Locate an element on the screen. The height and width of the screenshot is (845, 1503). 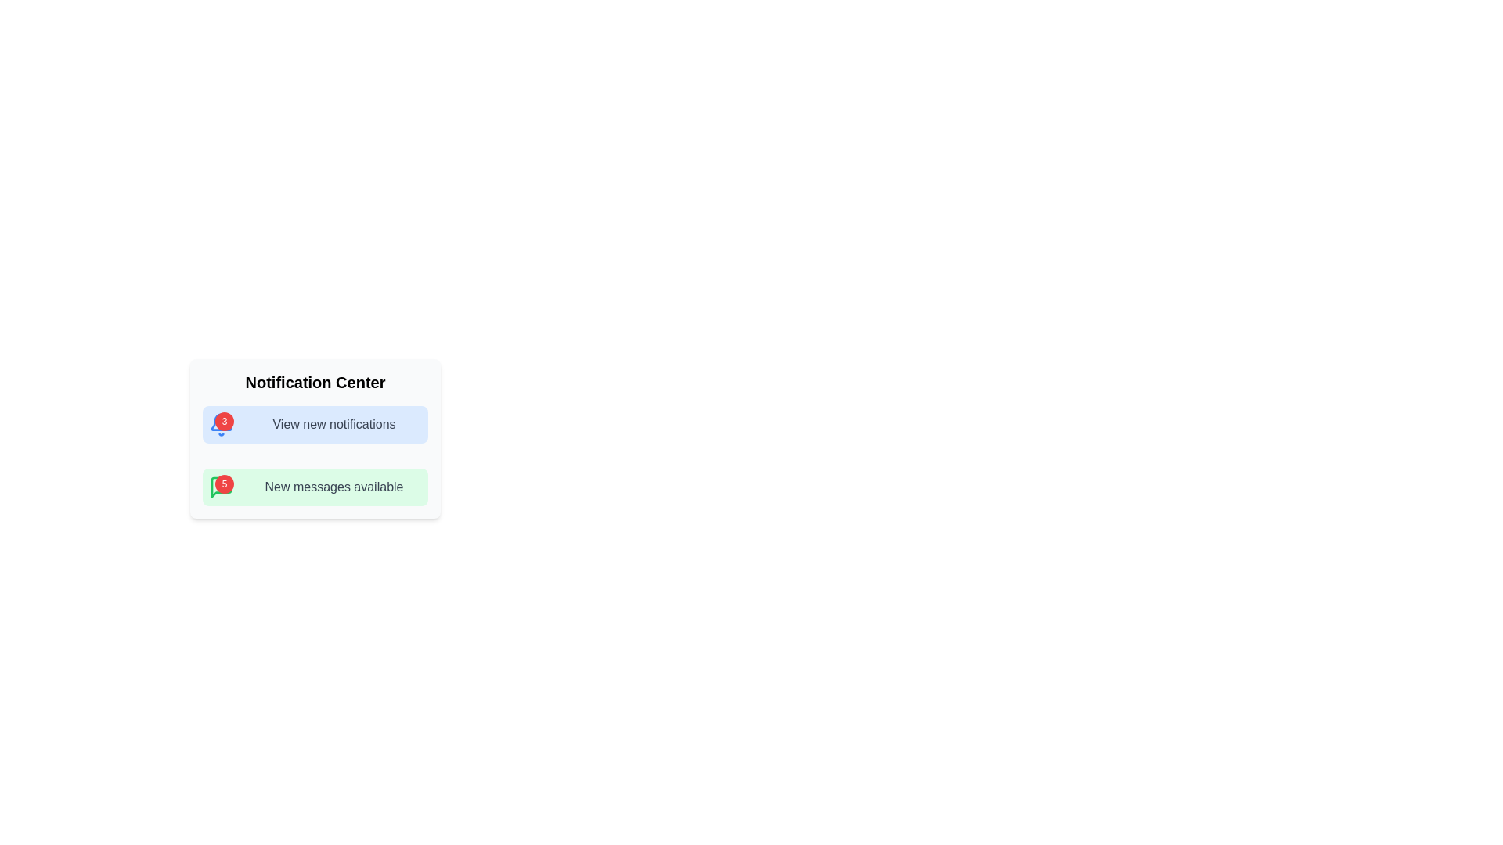
the text label 'Notification Center', which is prominently displayed in bold and large font at the top of the notification interface is located at coordinates (315, 383).